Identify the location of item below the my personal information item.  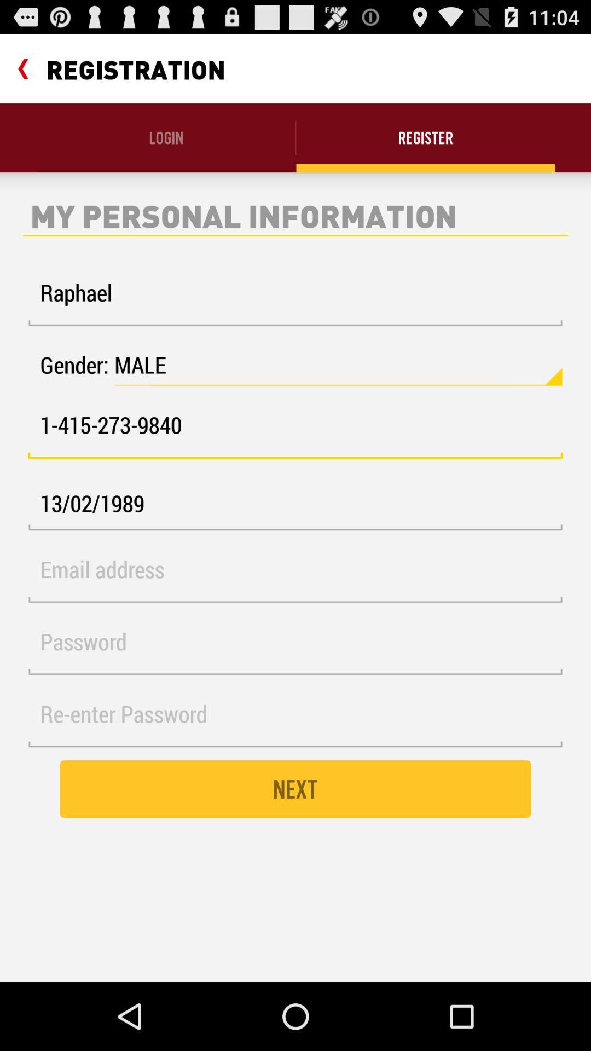
(296, 299).